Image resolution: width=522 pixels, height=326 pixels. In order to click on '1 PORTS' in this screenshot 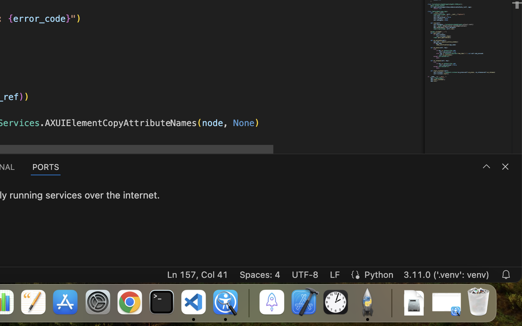, I will do `click(46, 166)`.